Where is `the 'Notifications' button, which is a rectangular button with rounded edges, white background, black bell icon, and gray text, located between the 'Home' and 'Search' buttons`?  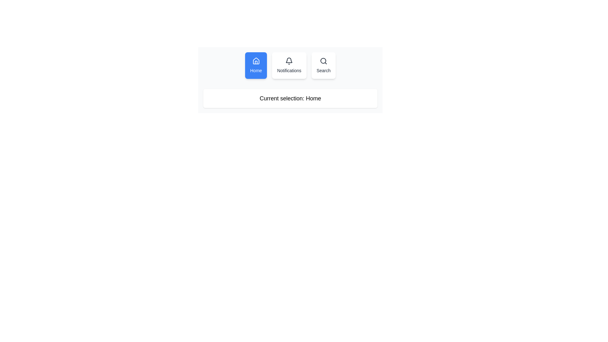
the 'Notifications' button, which is a rectangular button with rounded edges, white background, black bell icon, and gray text, located between the 'Home' and 'Search' buttons is located at coordinates (289, 66).